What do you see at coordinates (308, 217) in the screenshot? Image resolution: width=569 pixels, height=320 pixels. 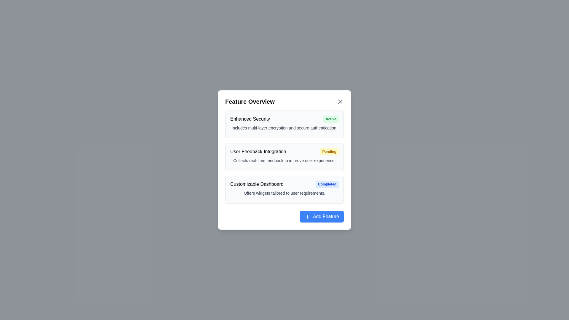 I see `the blue 'Add Feature' button with a white plus icon` at bounding box center [308, 217].